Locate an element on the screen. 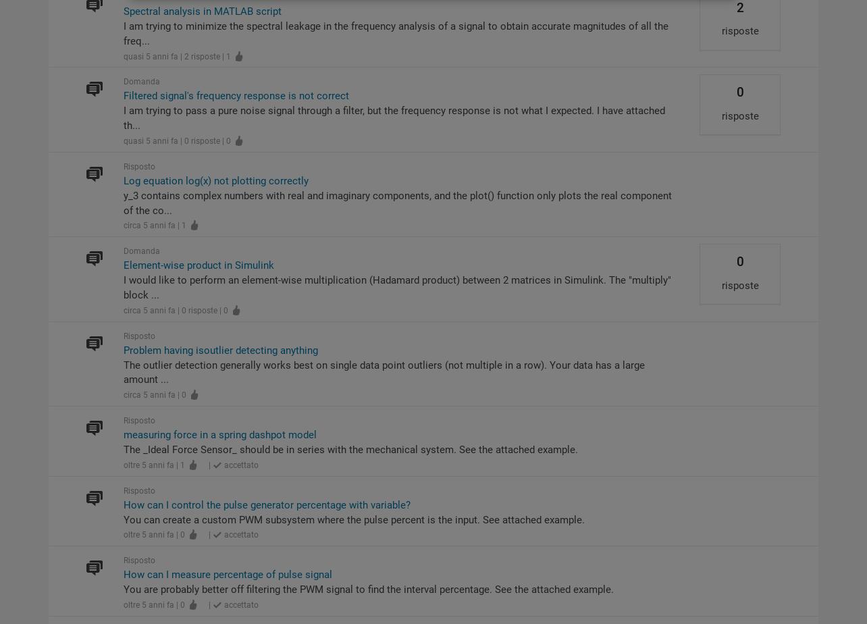 This screenshot has width=867, height=624. 'I am trying to pass a pure noise signal through a filter, but the frequency response is not what I expected.  I have attached th...' is located at coordinates (392, 118).